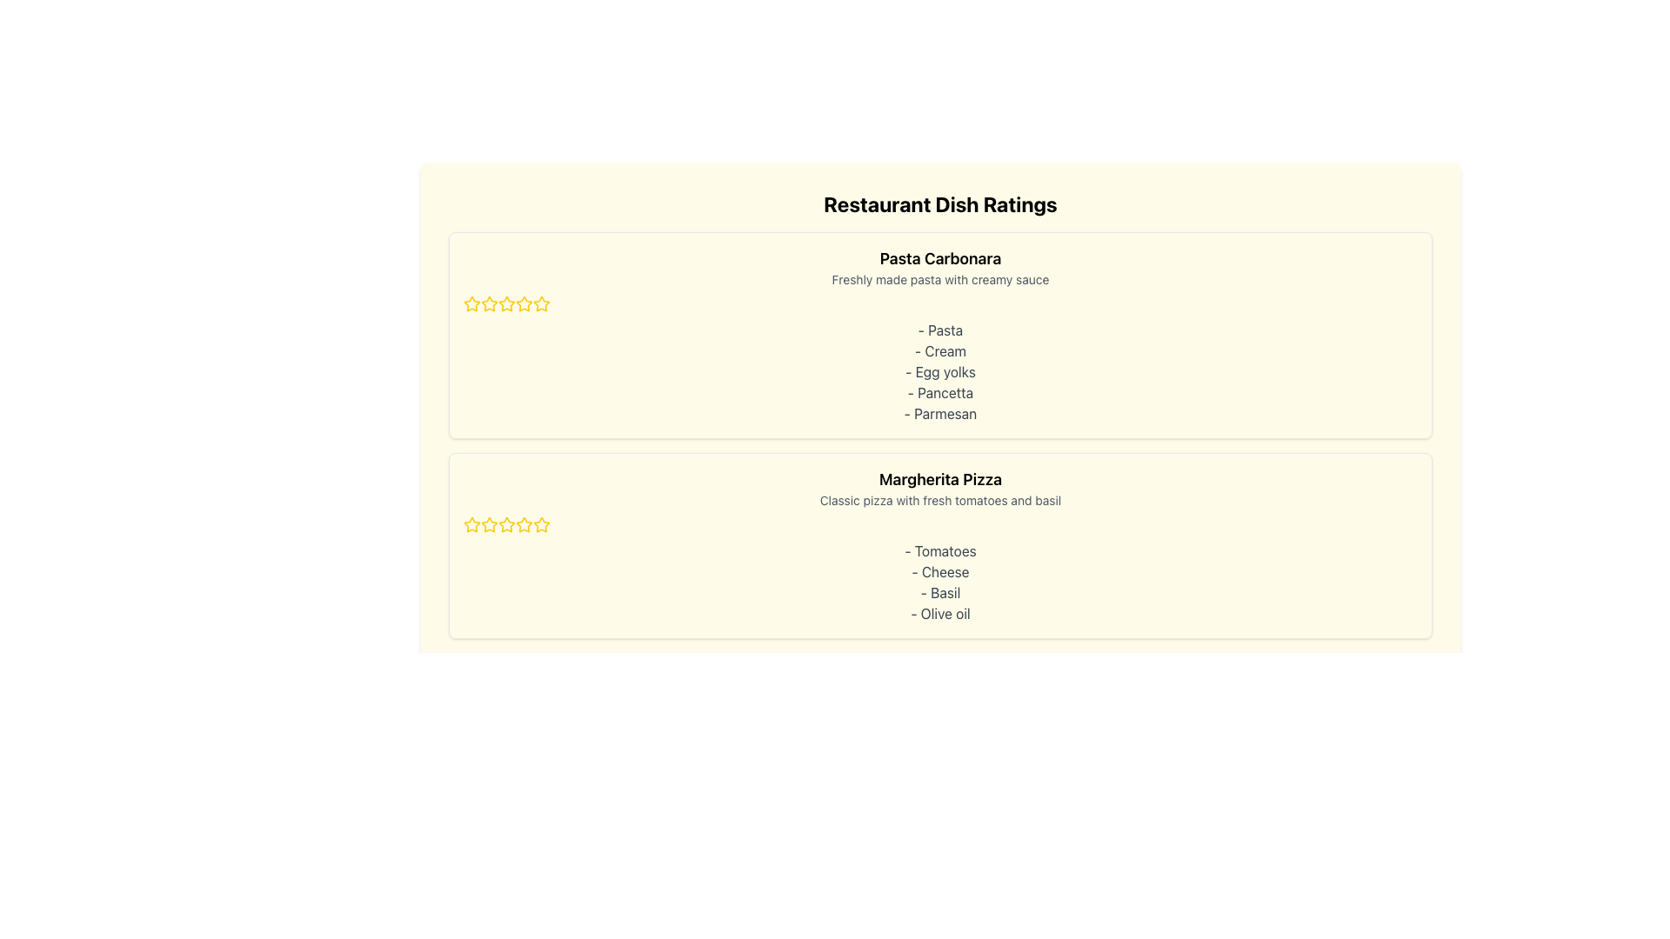 The height and width of the screenshot is (939, 1670). Describe the element at coordinates (488, 303) in the screenshot. I see `the third star icon, which is a yellow outlined star used for rating` at that location.